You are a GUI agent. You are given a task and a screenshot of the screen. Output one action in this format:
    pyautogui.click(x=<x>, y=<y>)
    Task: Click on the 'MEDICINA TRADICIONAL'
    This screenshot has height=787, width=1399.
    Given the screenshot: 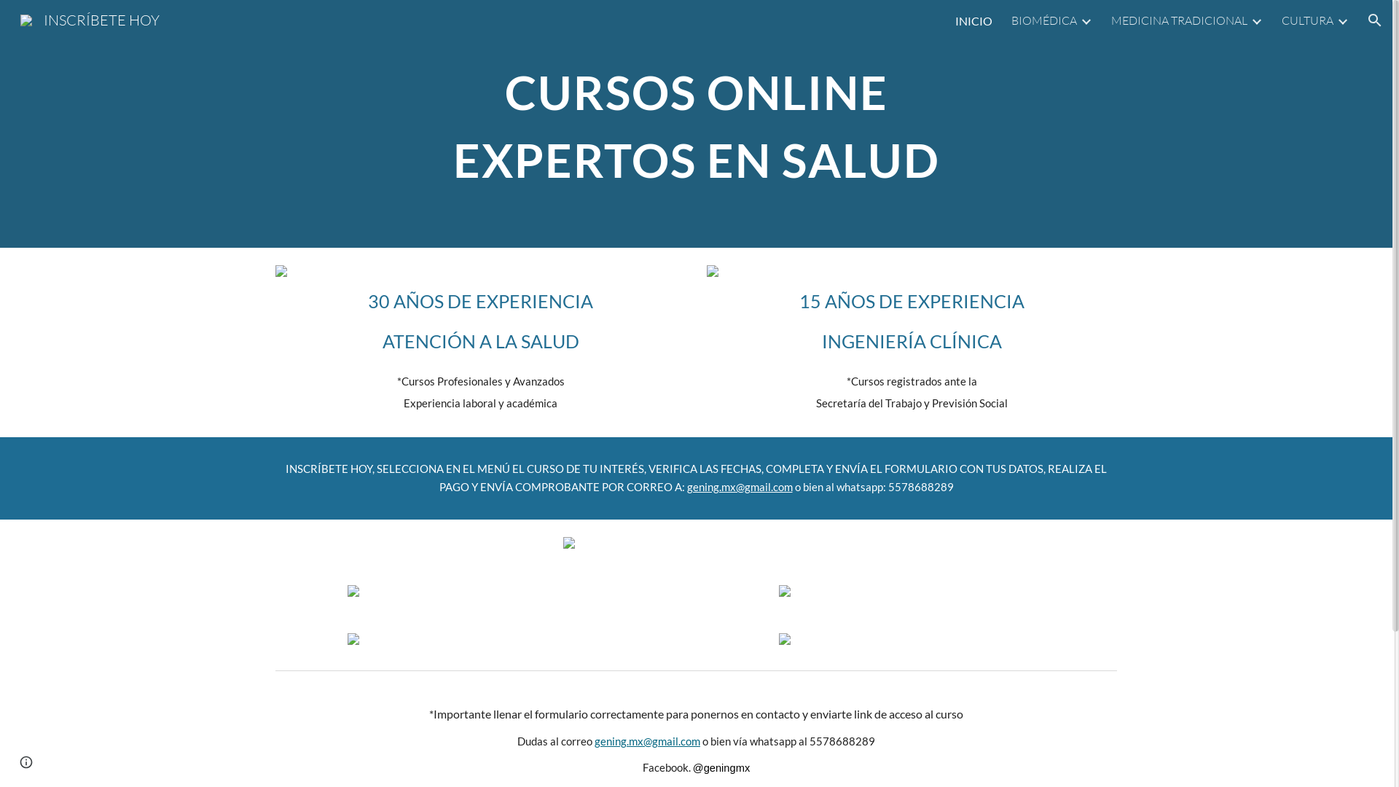 What is the action you would take?
    pyautogui.click(x=1110, y=20)
    